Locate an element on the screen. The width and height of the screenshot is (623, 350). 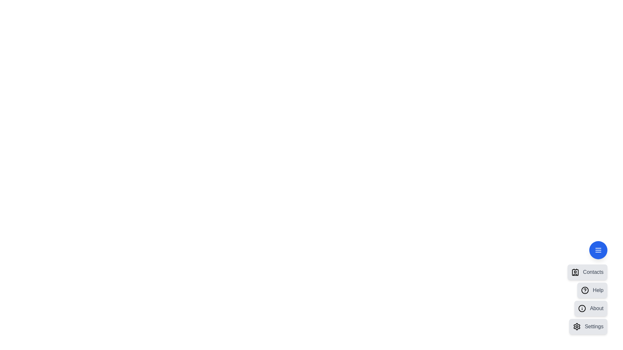
the 'About' menu item is located at coordinates (591, 308).